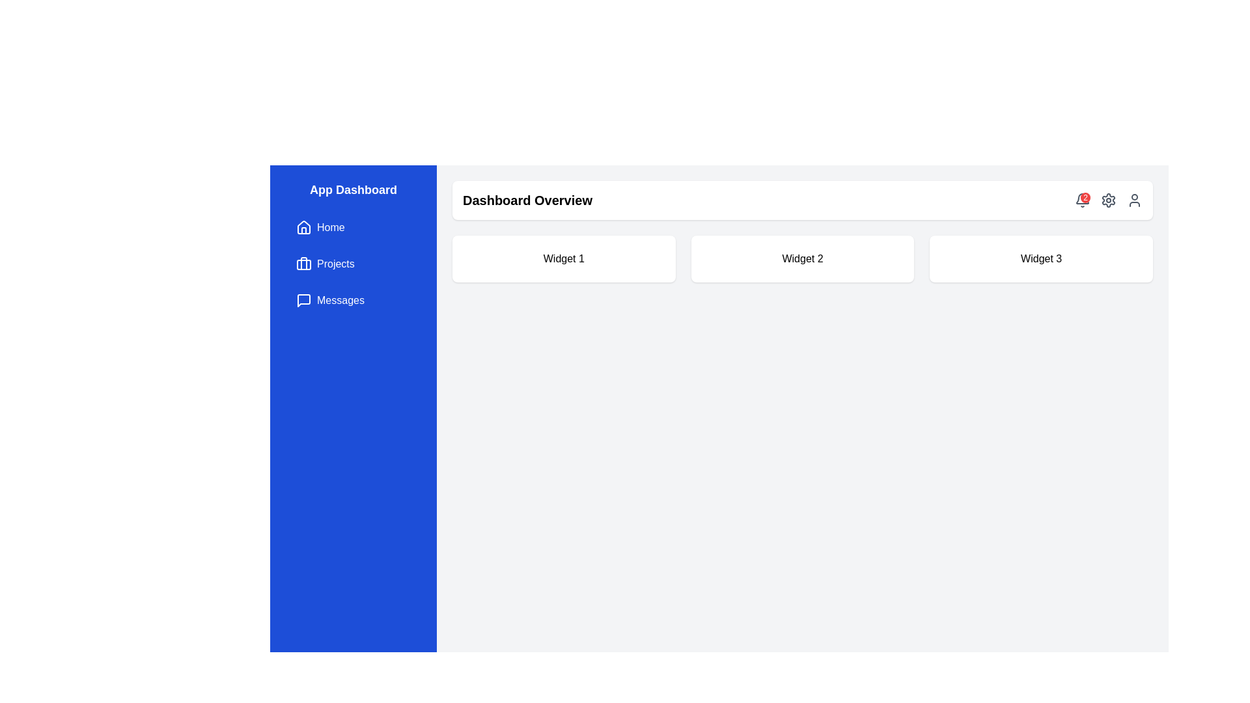 The height and width of the screenshot is (703, 1250). I want to click on the decorative graphic element representing the handle of the briefcase icon located in the top-right corner of the sidebar menu, so click(303, 264).